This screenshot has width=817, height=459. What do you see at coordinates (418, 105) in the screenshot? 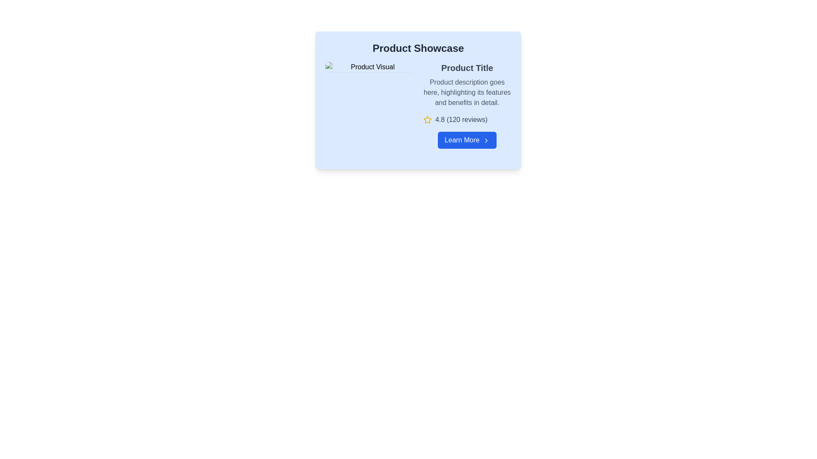
I see `the star rating in the right column of the two-column grid` at bounding box center [418, 105].